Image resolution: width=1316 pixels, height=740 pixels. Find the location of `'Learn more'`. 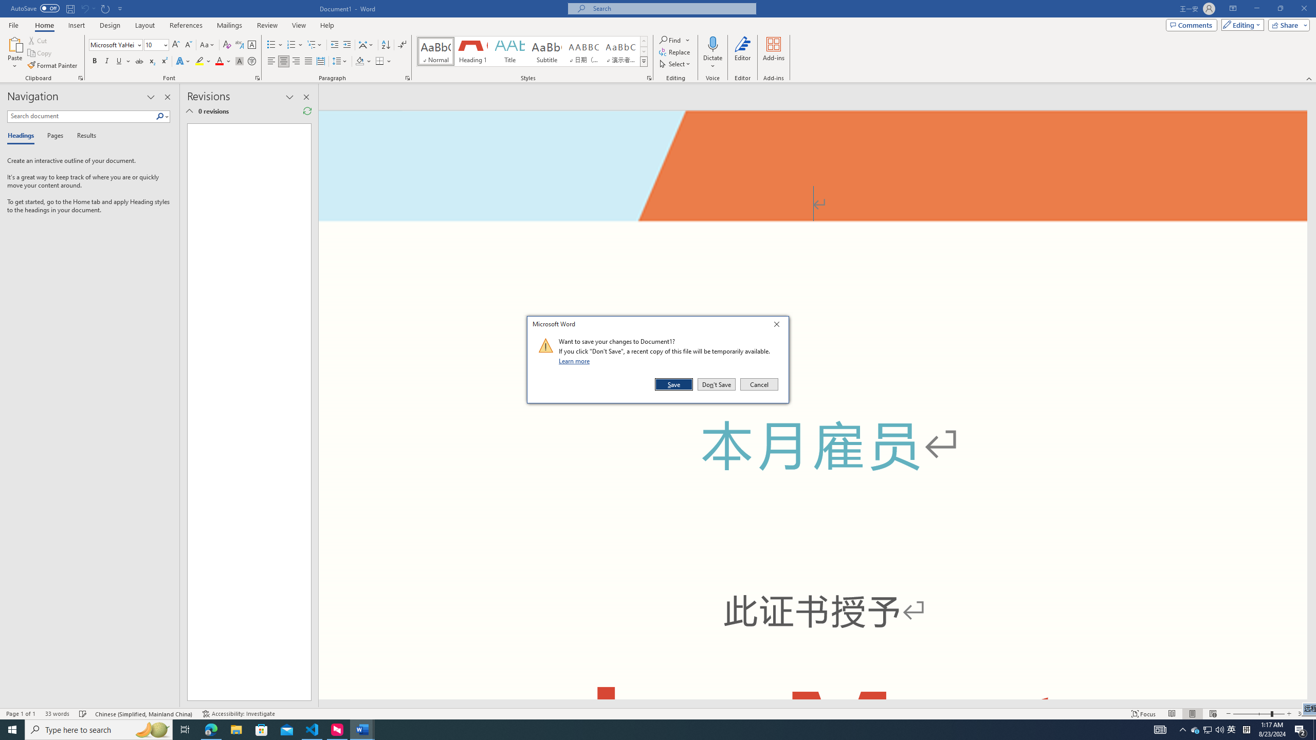

'Learn more' is located at coordinates (576, 360).